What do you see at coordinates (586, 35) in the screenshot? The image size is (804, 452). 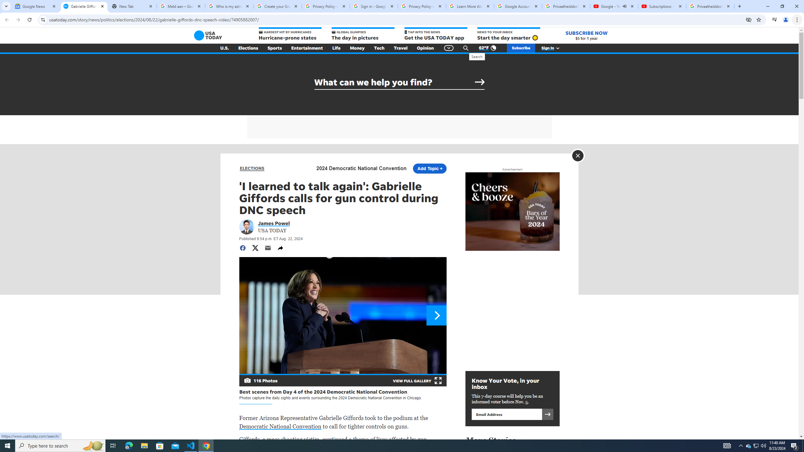 I see `'SUBSCRIBE NOW $5 for 1 year'` at bounding box center [586, 35].